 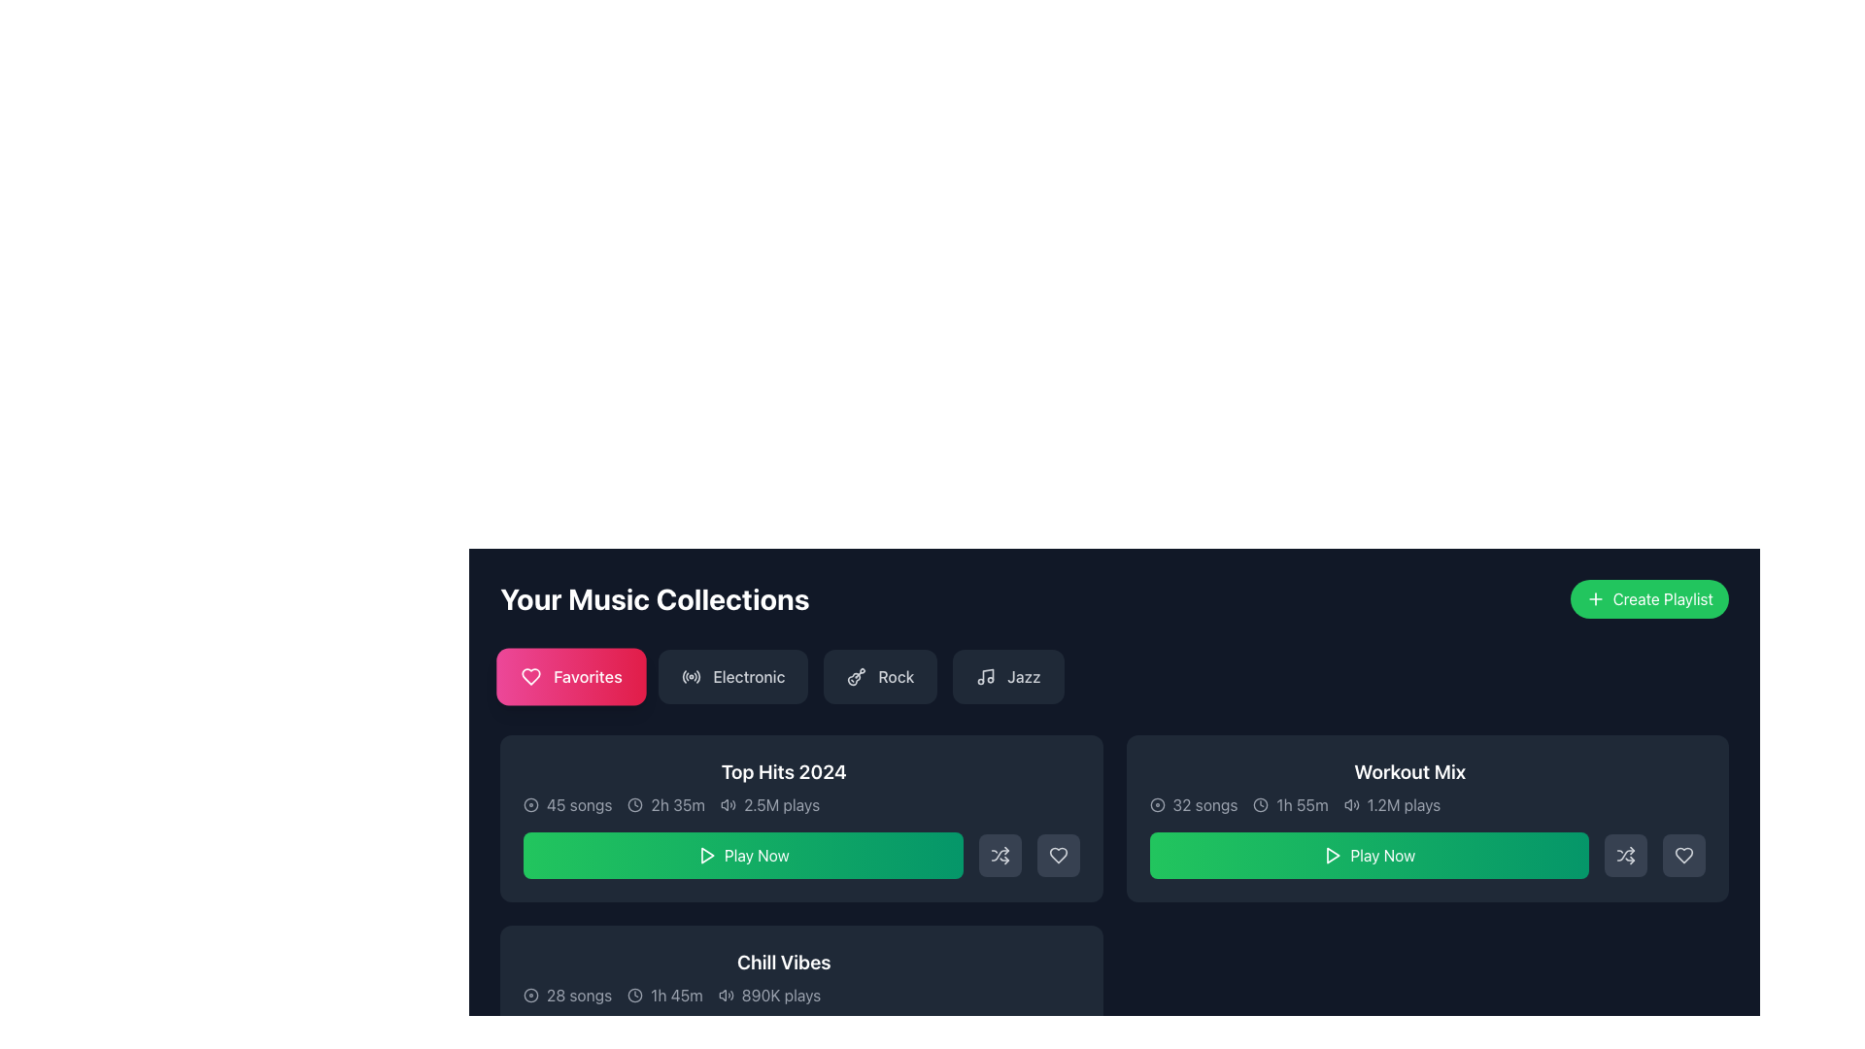 I want to click on the graphical icon representing the 'Workout Mix' music playlist, located to the left of '32 songs' and above the 'Play Now' button, so click(x=1157, y=805).